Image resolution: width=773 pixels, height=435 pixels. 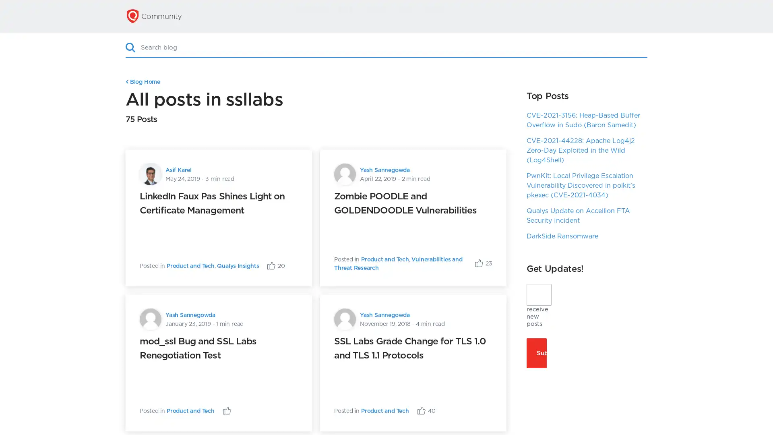 I want to click on Subscribe, so click(x=537, y=352).